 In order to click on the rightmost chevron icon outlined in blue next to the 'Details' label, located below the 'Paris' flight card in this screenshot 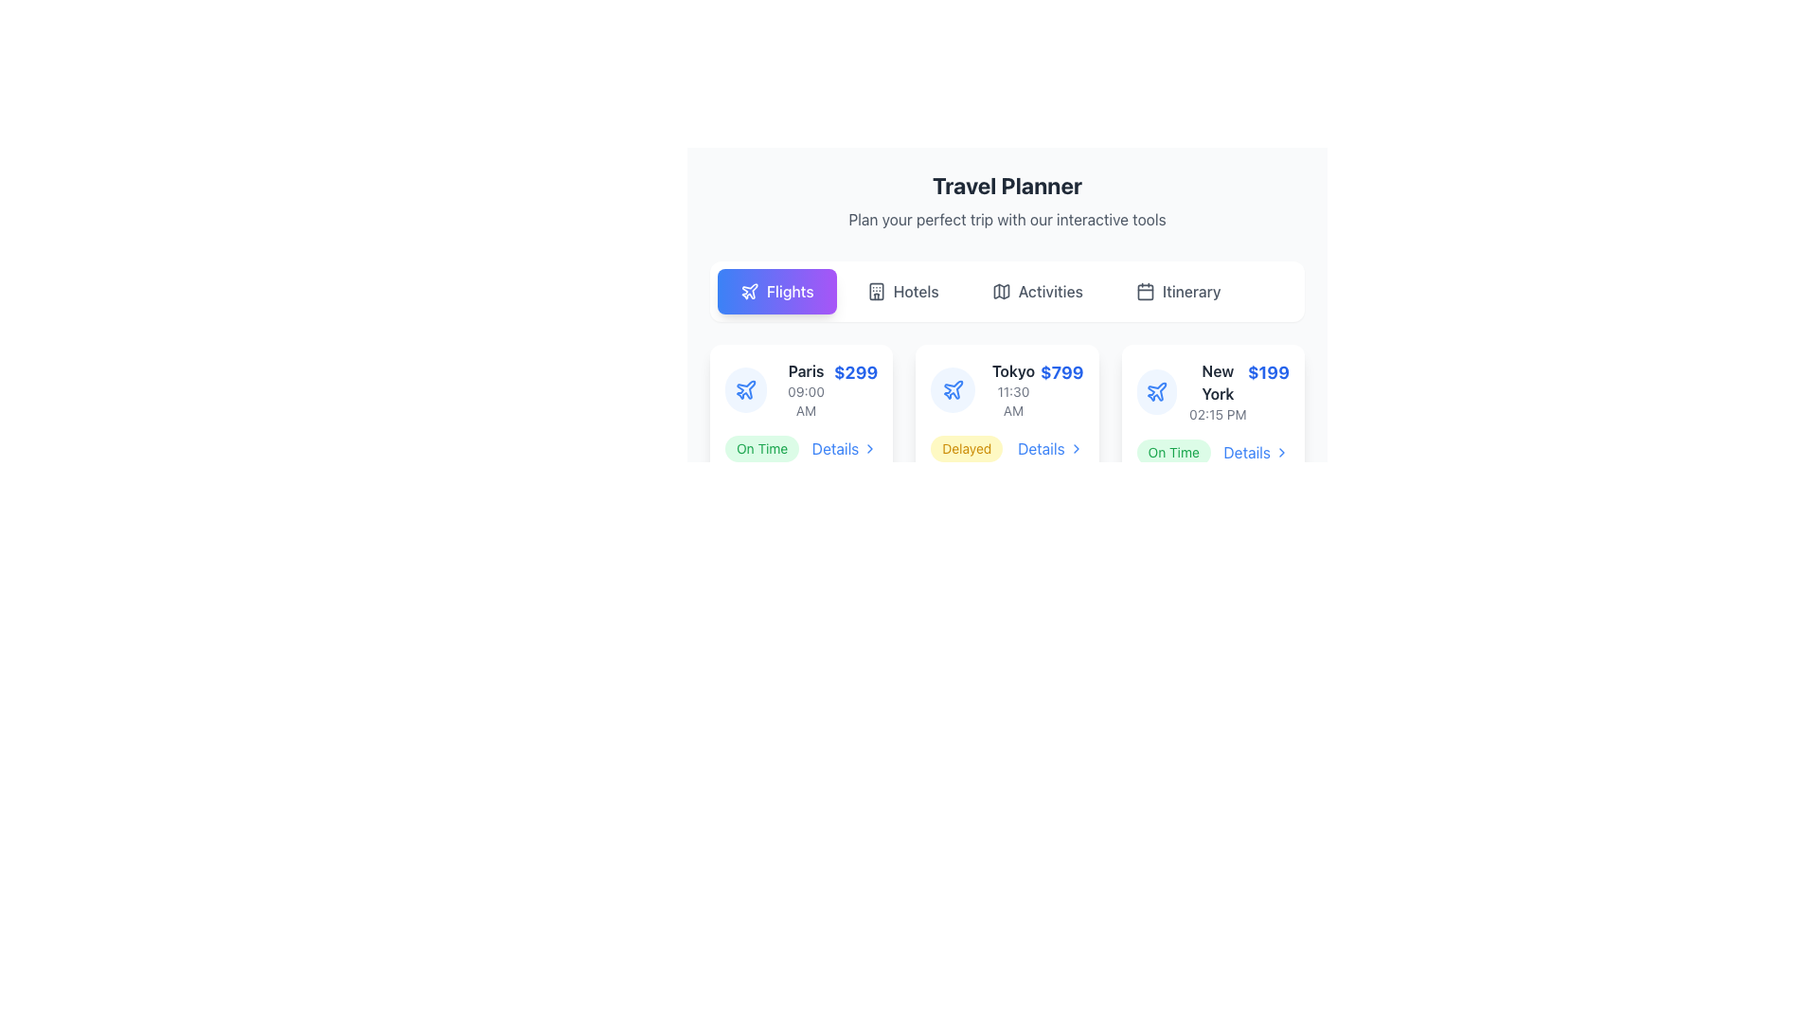, I will do `click(869, 449)`.